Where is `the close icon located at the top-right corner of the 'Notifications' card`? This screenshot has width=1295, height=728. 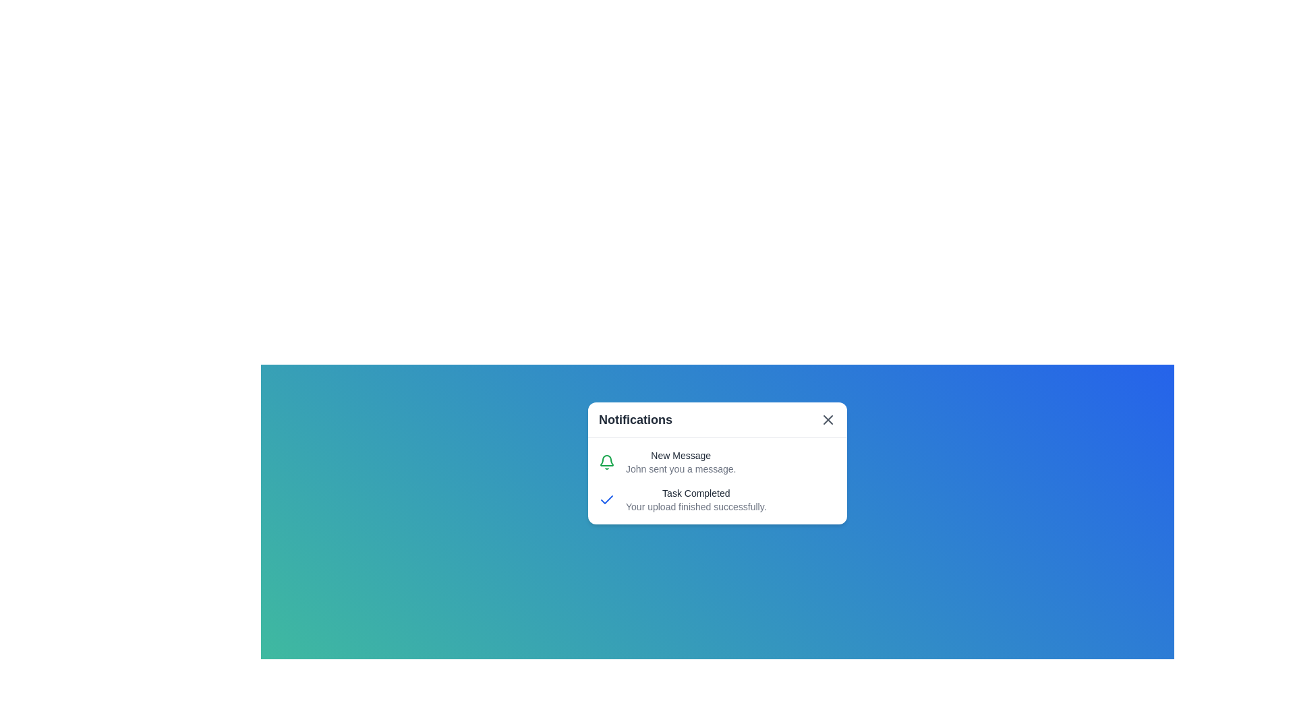 the close icon located at the top-right corner of the 'Notifications' card is located at coordinates (828, 419).